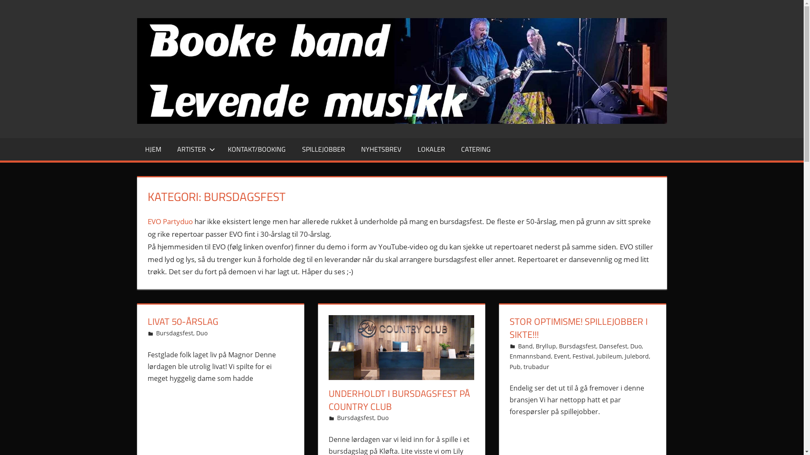 This screenshot has height=455, width=810. What do you see at coordinates (525, 346) in the screenshot?
I see `'Band'` at bounding box center [525, 346].